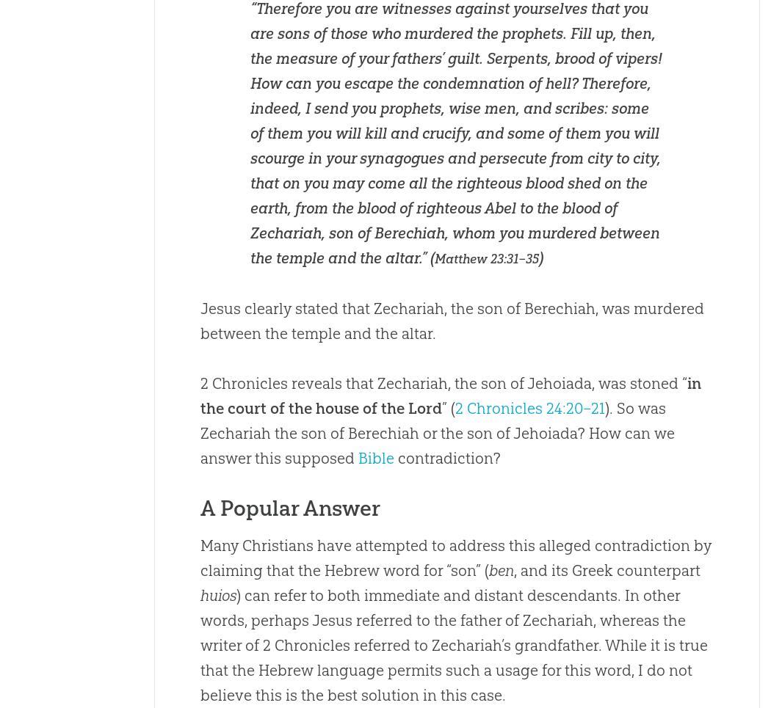  What do you see at coordinates (485, 258) in the screenshot?
I see `'Matthew 23:31–35'` at bounding box center [485, 258].